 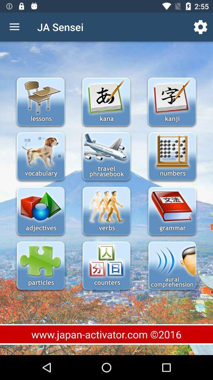 What do you see at coordinates (40, 102) in the screenshot?
I see `see a list of lessons` at bounding box center [40, 102].